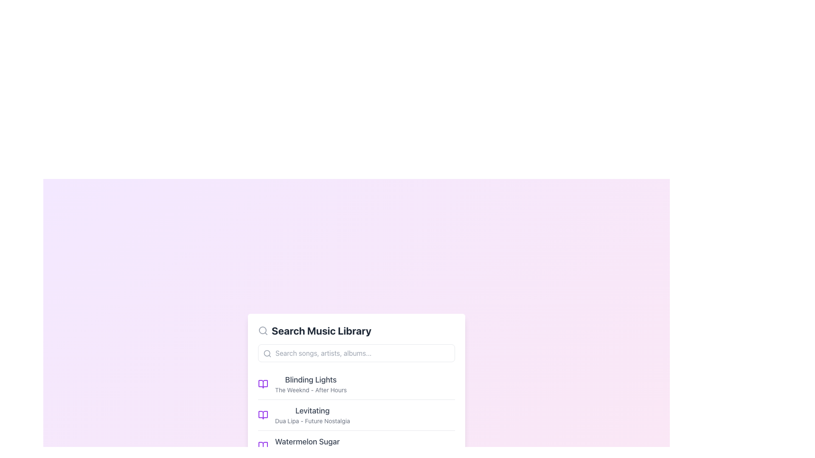  Describe the element at coordinates (262, 414) in the screenshot. I see `the SVG icon representing the song 'Levitating' located in the second row of the list under 'Search Music Library'` at that location.